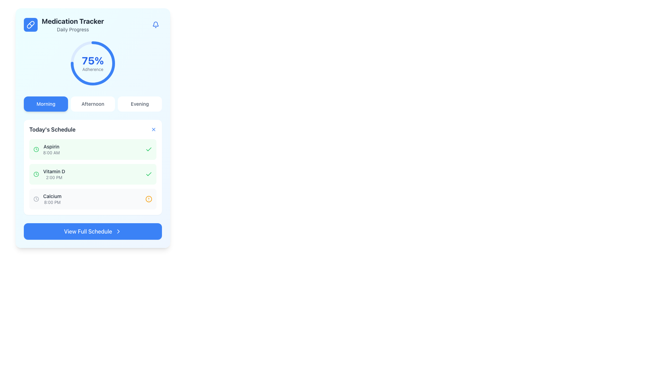  Describe the element at coordinates (92, 63) in the screenshot. I see `the Circular Progress Indicator displaying '75%' with blue text, located in the 'Daily Progress' section of the 'Medication Tracker' interface` at that location.